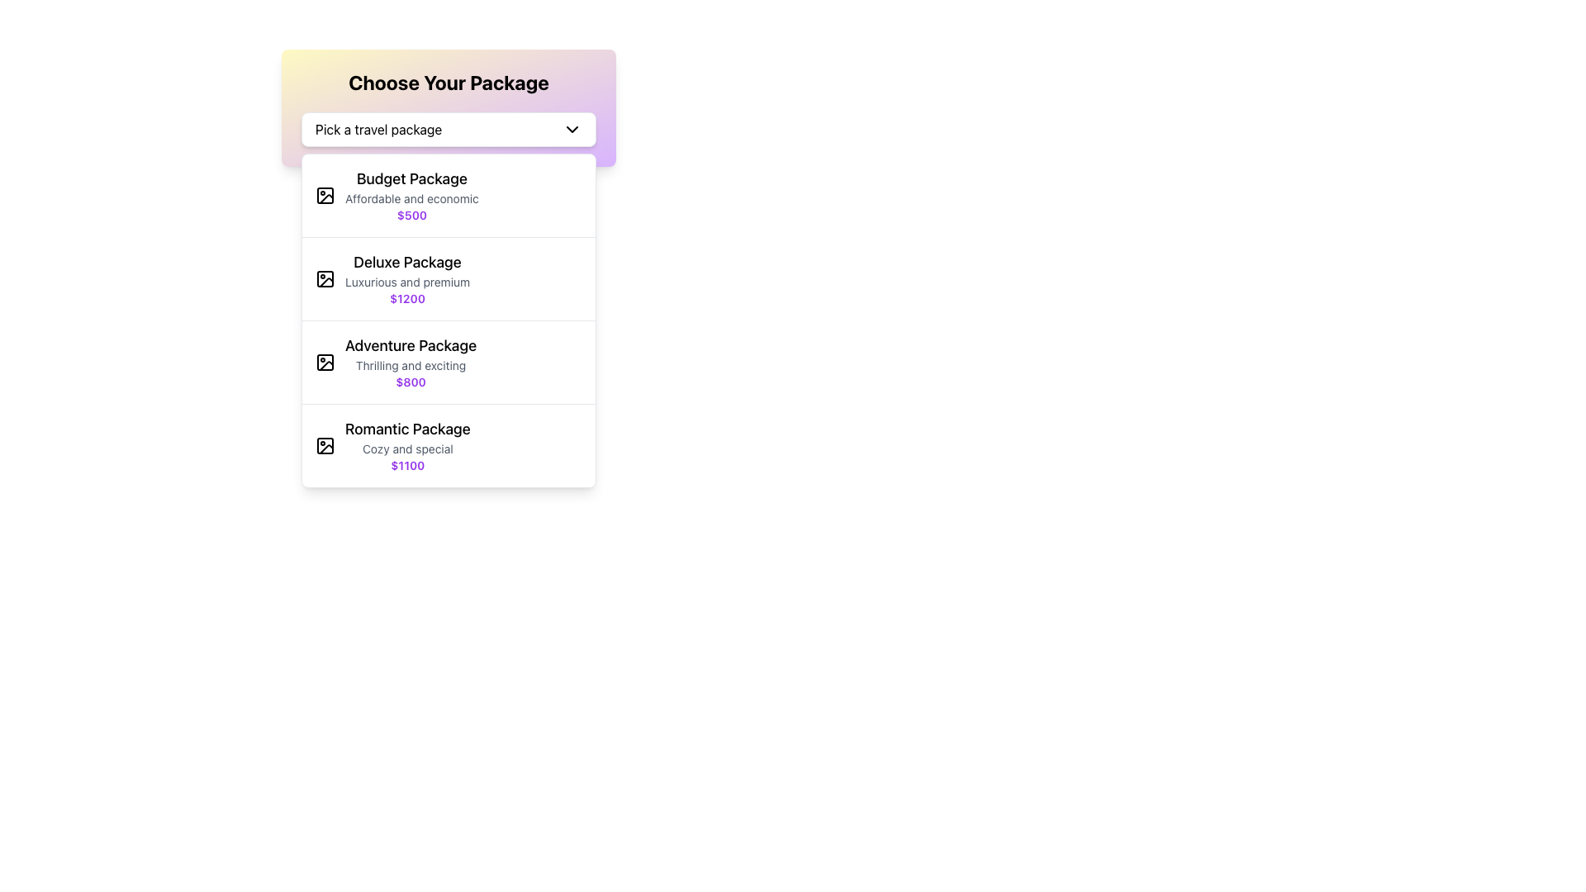 The image size is (1586, 892). What do you see at coordinates (449, 108) in the screenshot?
I see `the travel packages dropdown menu` at bounding box center [449, 108].